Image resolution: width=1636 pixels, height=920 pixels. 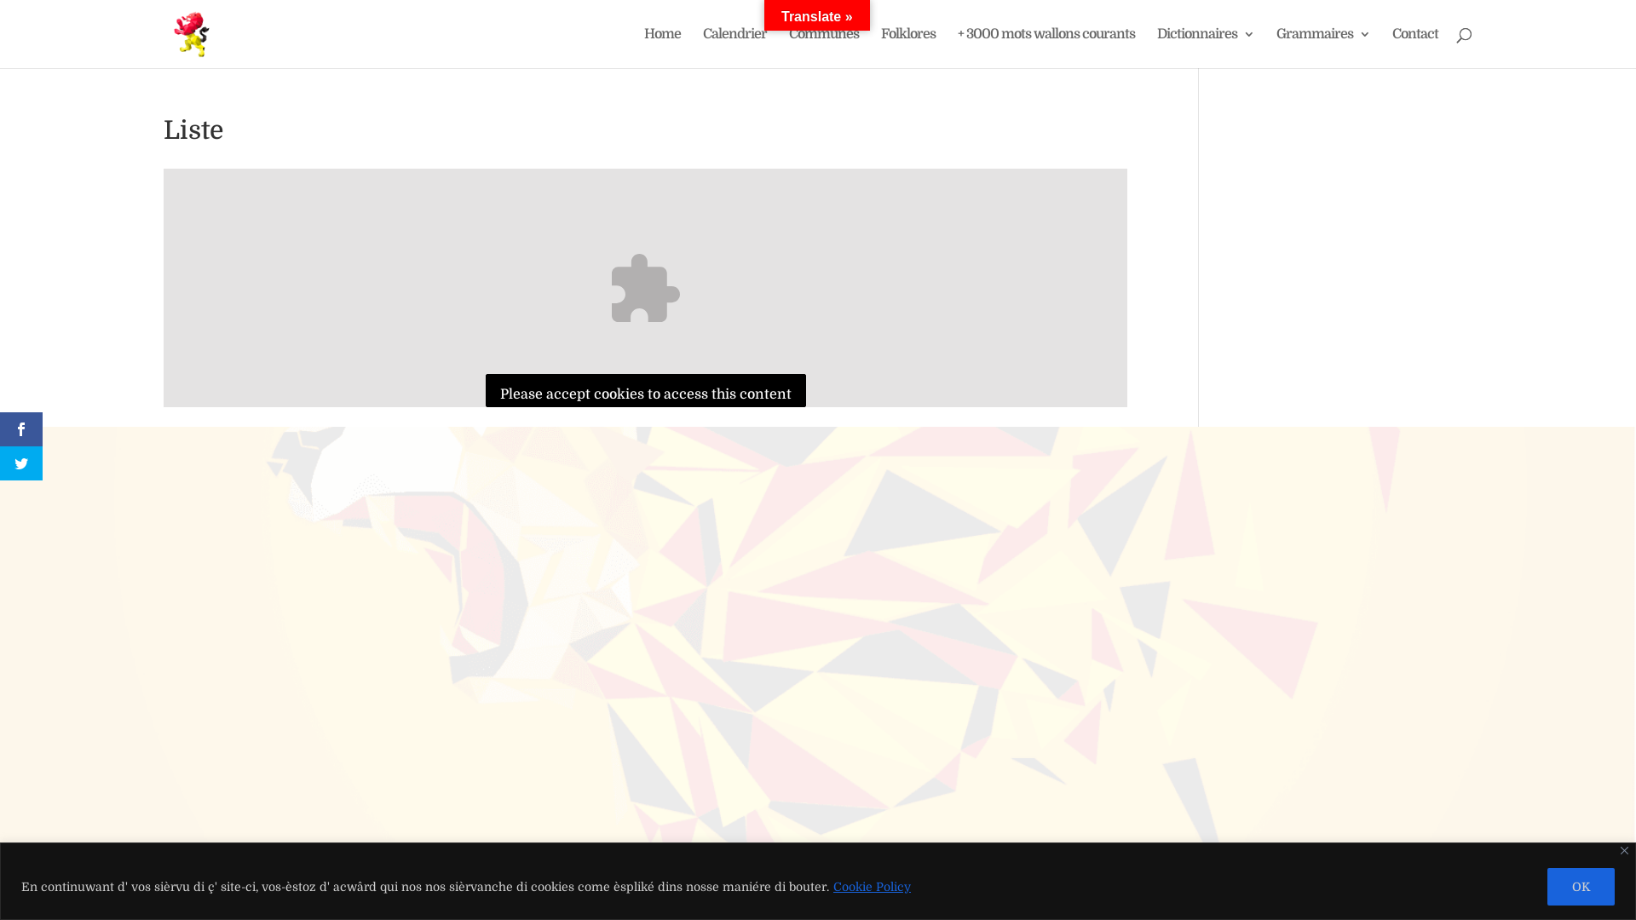 I want to click on '+ 3000 mots wallons courants', so click(x=1046, y=47).